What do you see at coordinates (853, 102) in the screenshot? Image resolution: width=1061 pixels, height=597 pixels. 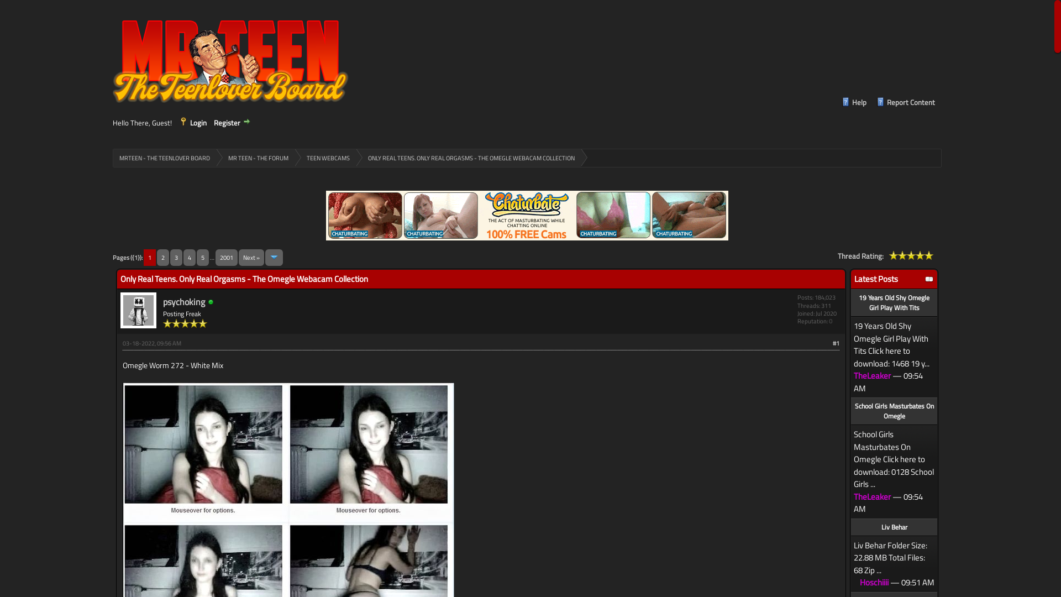 I see `'Help'` at bounding box center [853, 102].